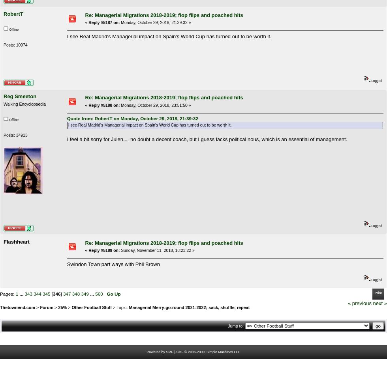  I want to click on '347', so click(66, 293).